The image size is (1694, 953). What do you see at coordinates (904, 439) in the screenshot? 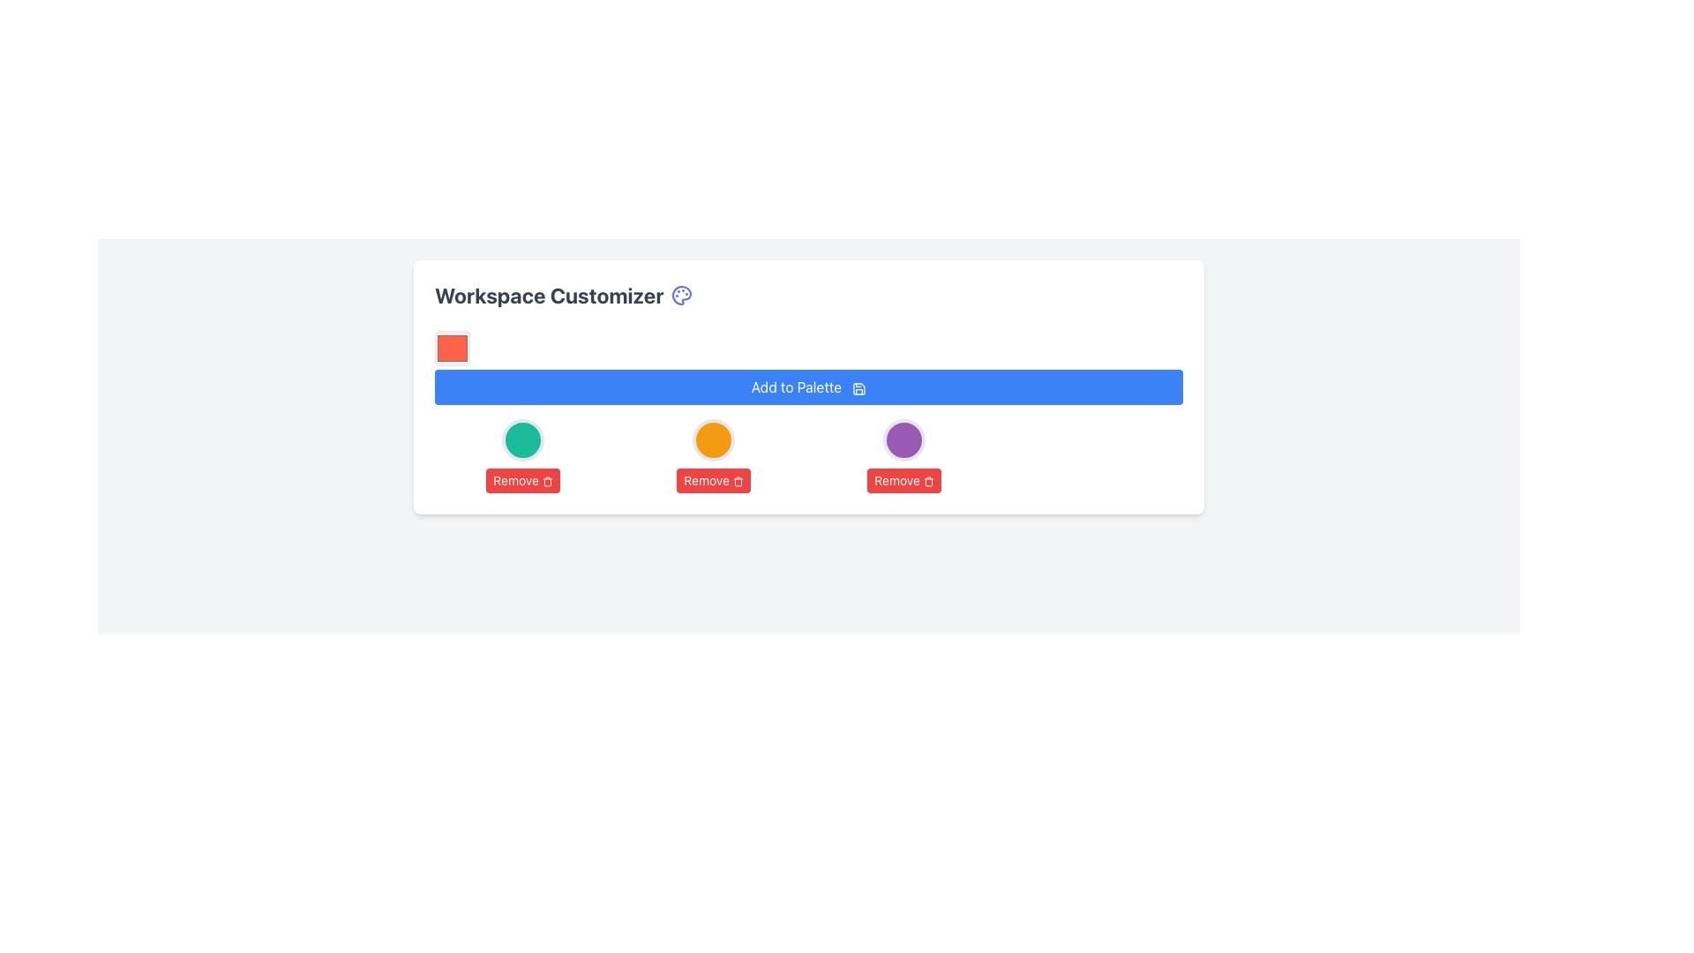
I see `the third circular visual marker within a collection of similar elements, which serves as a visual indicator and is not clickable` at bounding box center [904, 439].